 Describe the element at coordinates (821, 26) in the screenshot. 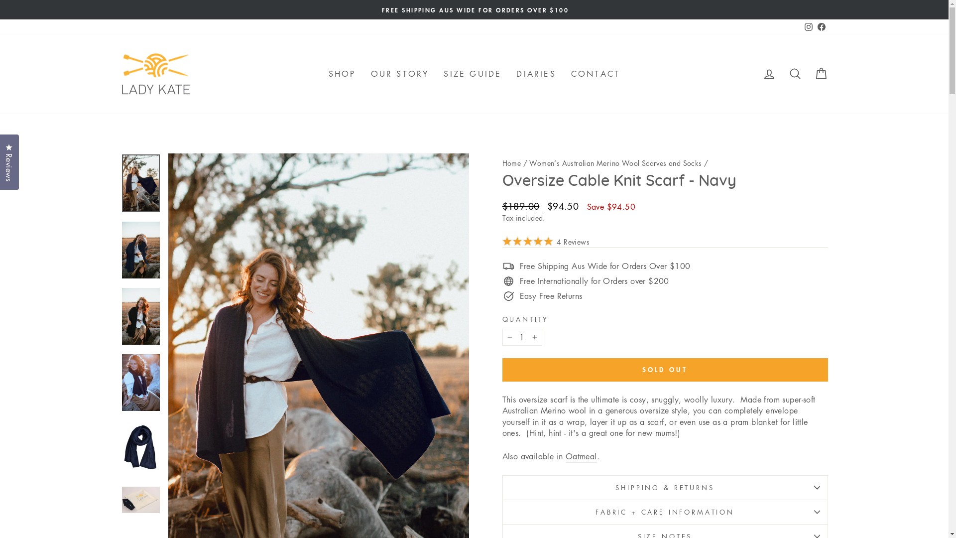

I see `'Facebook'` at that location.